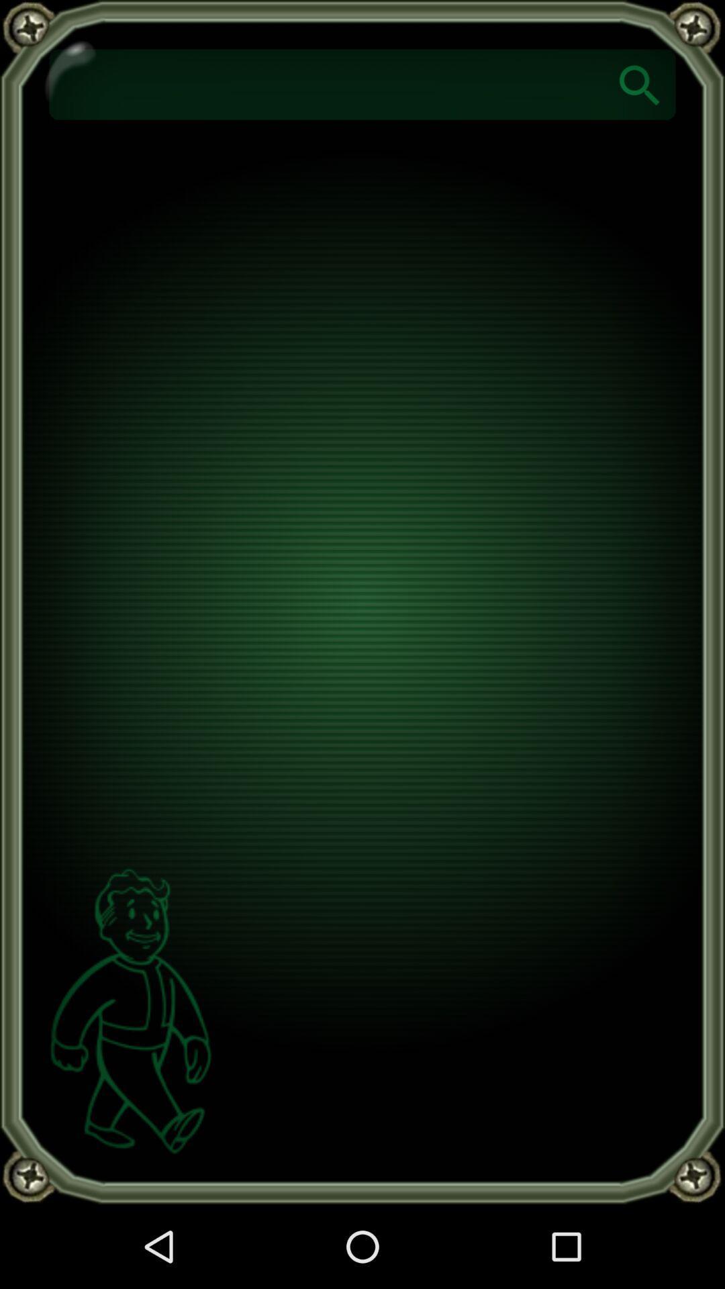 The height and width of the screenshot is (1289, 725). Describe the element at coordinates (639, 83) in the screenshot. I see `search` at that location.